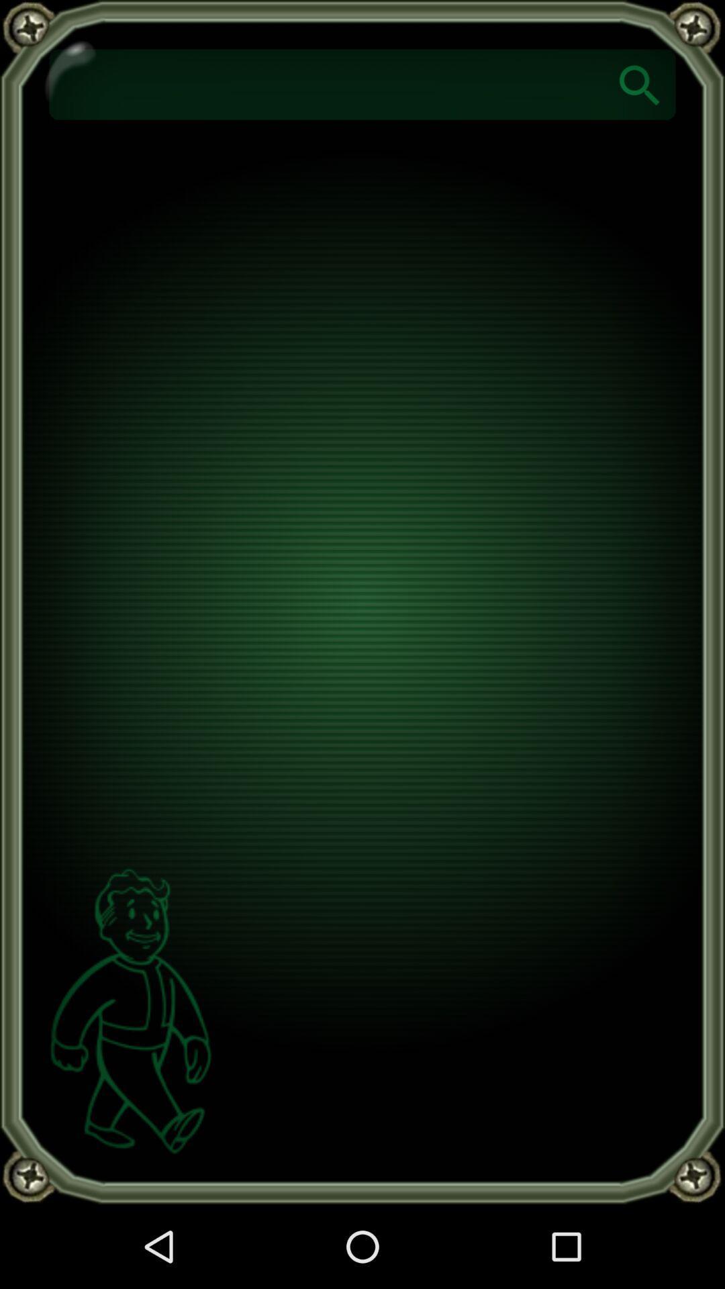 The height and width of the screenshot is (1289, 725). Describe the element at coordinates (639, 83) in the screenshot. I see `search` at that location.